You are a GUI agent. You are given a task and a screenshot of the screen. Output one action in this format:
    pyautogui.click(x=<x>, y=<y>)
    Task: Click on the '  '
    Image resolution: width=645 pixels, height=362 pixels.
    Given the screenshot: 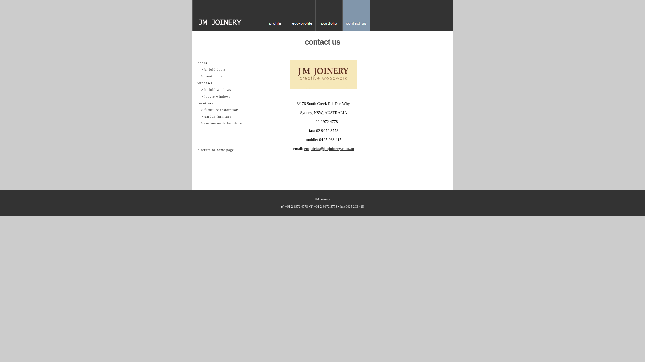 What is the action you would take?
    pyautogui.click(x=191, y=136)
    